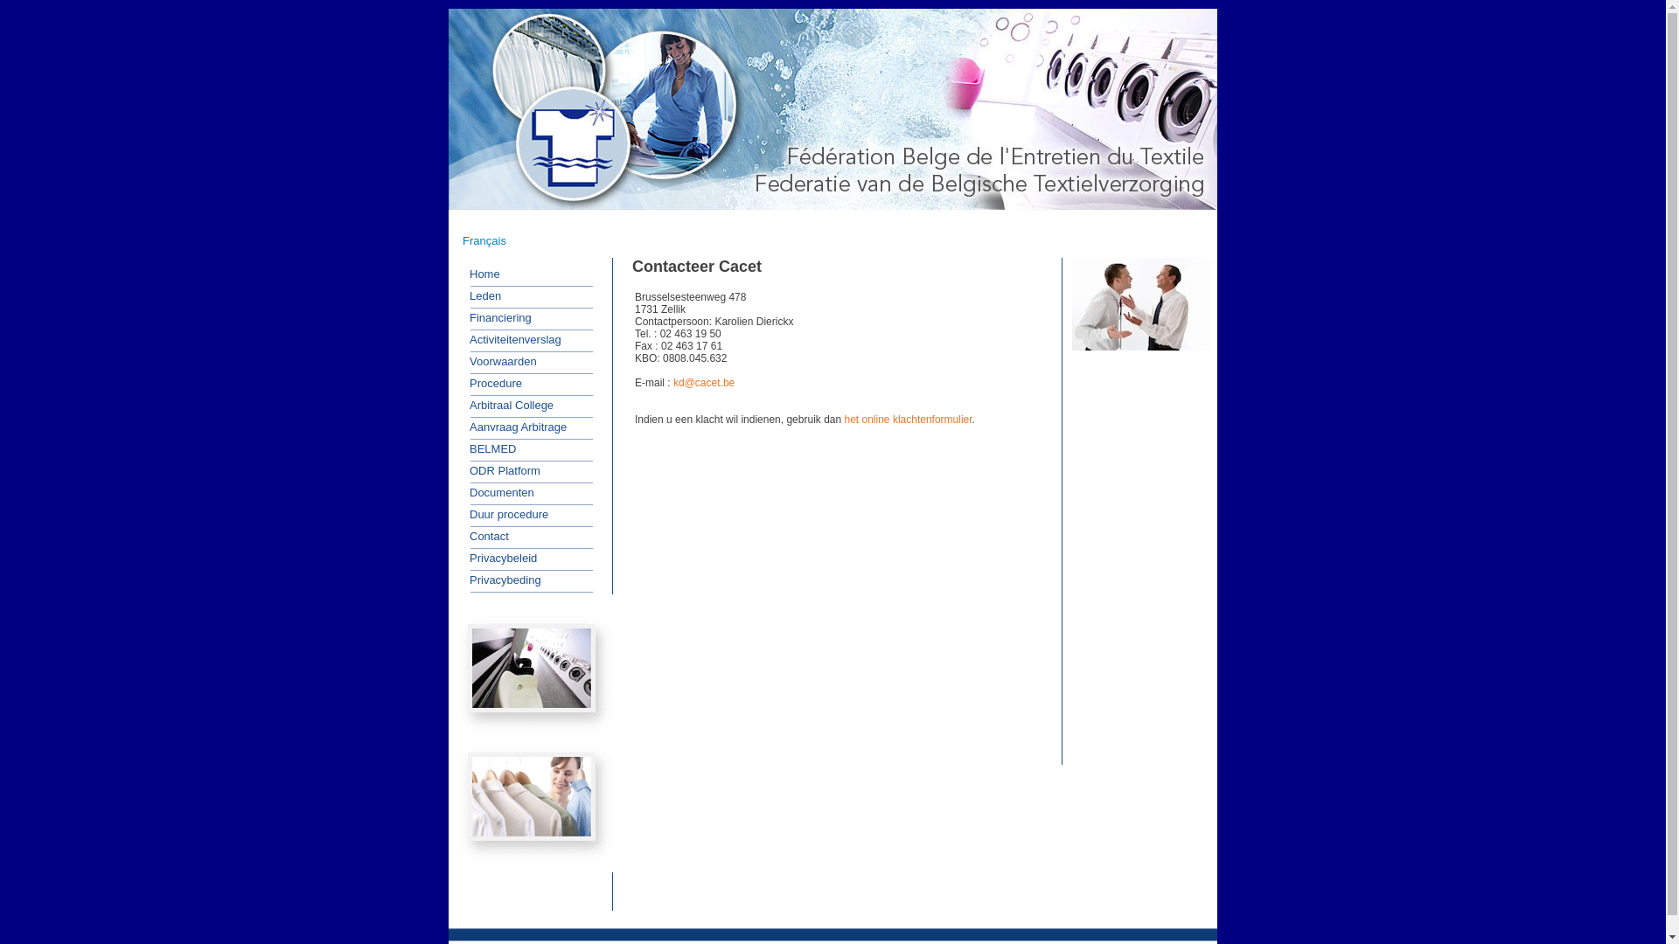 This screenshot has height=944, width=1679. I want to click on 'Privacybeding', so click(457, 580).